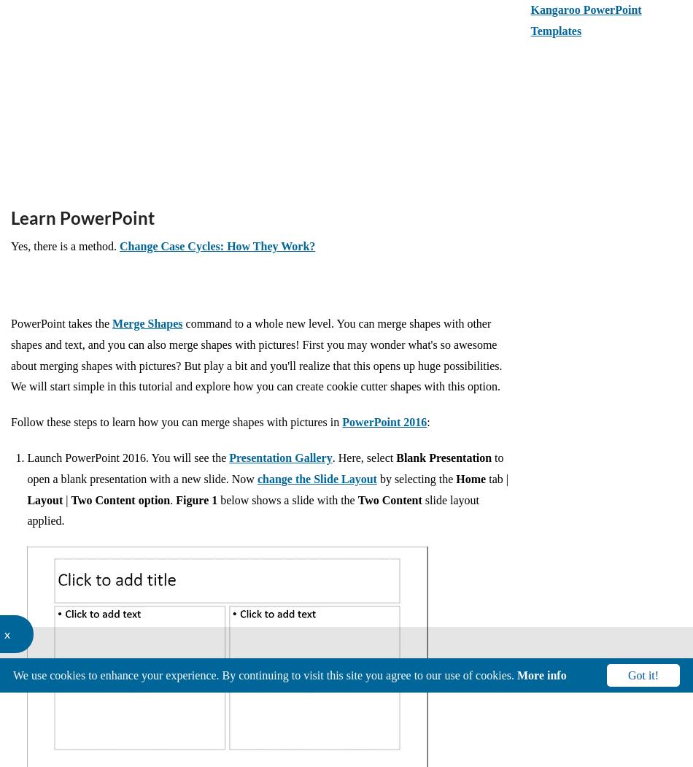 Image resolution: width=693 pixels, height=767 pixels. Describe the element at coordinates (170, 499) in the screenshot. I see `'.'` at that location.